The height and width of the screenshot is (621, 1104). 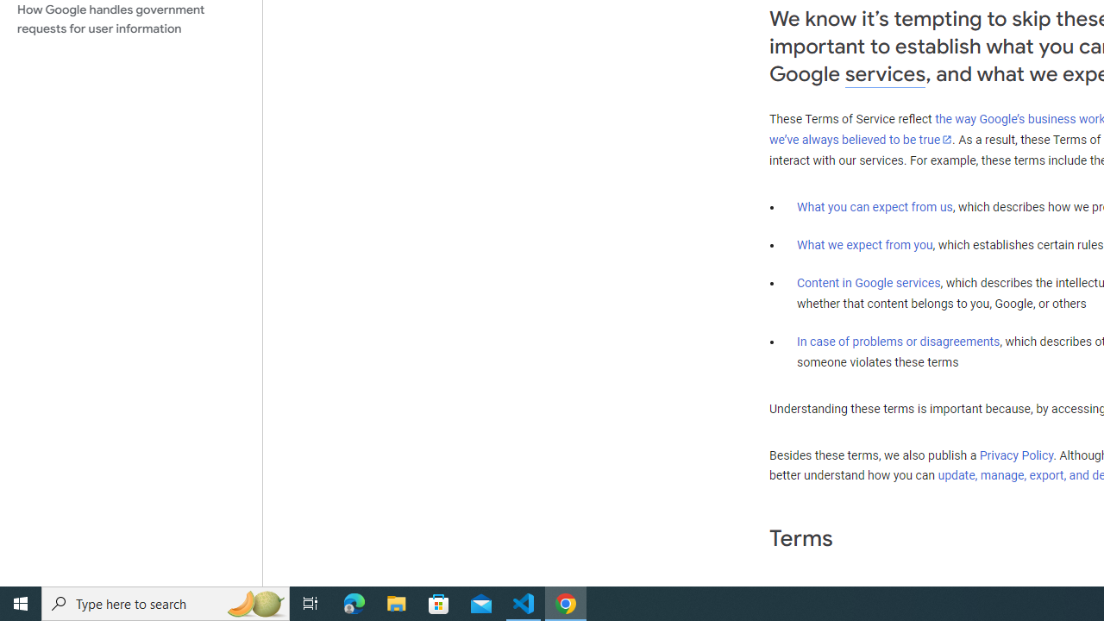 I want to click on 'What we expect from you', so click(x=864, y=245).